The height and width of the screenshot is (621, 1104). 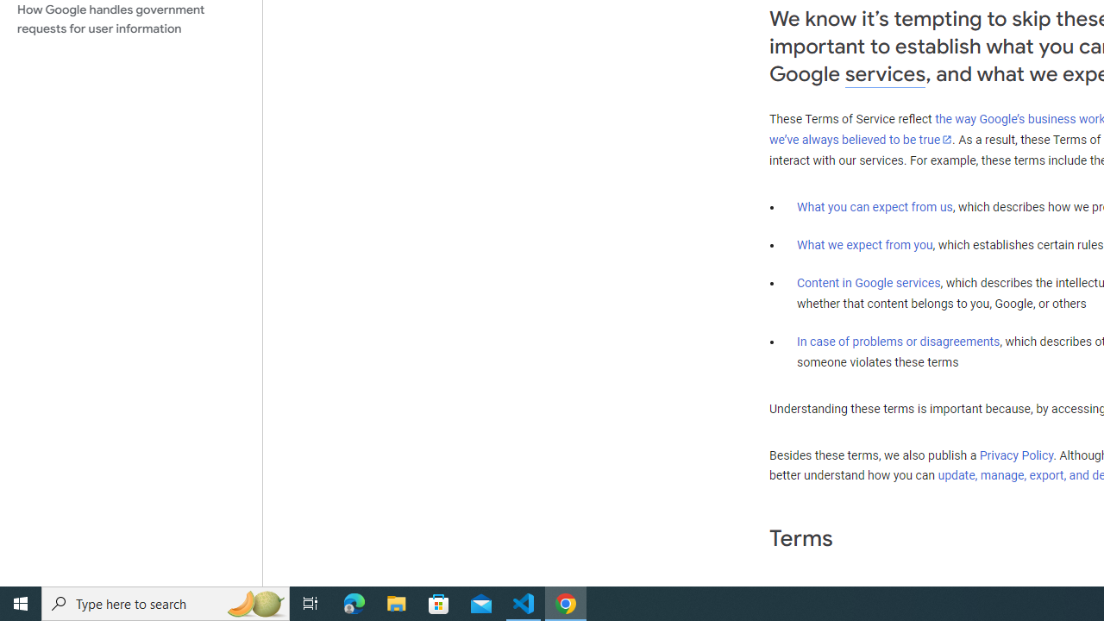 I want to click on 'What we expect from you', so click(x=864, y=245).